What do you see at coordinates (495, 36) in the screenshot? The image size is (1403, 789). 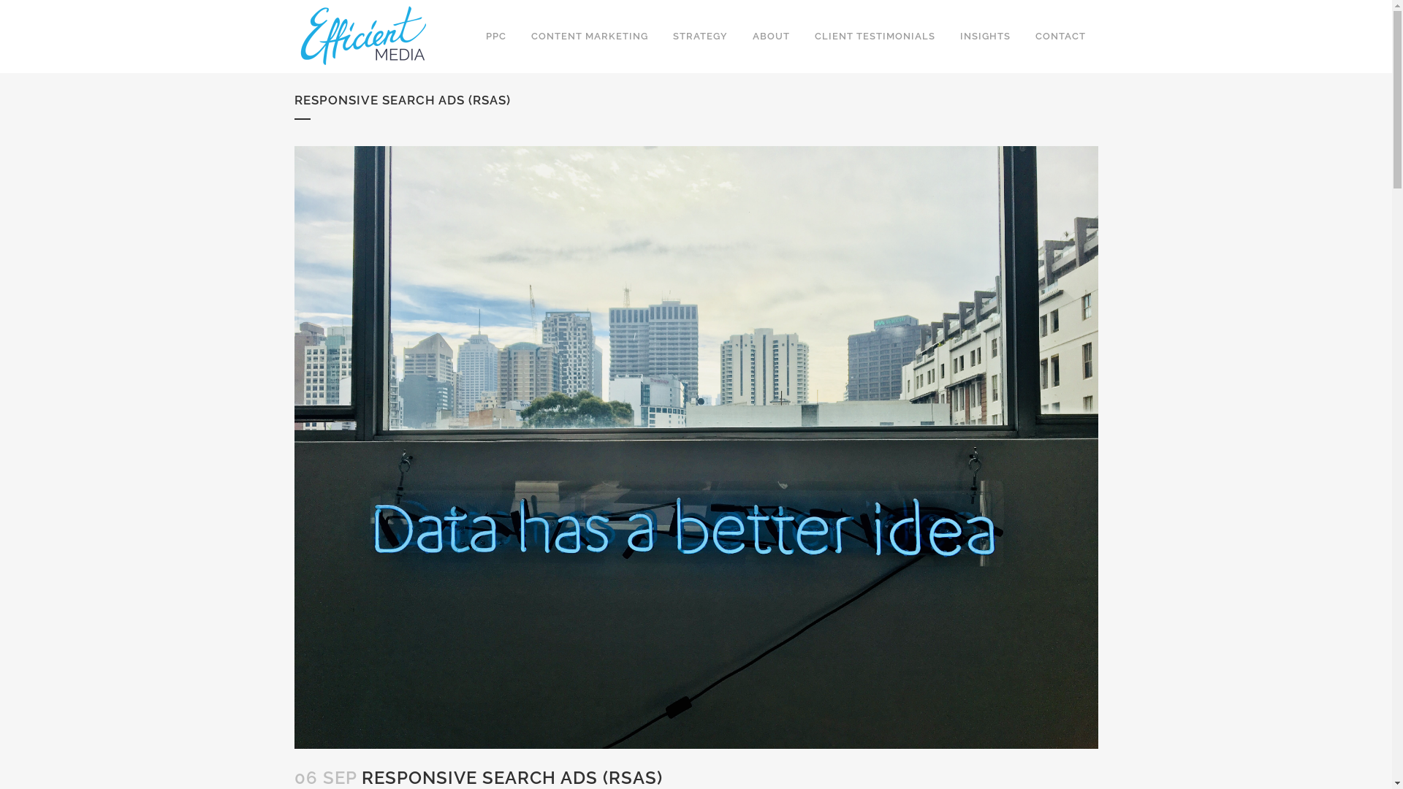 I see `'PPC'` at bounding box center [495, 36].